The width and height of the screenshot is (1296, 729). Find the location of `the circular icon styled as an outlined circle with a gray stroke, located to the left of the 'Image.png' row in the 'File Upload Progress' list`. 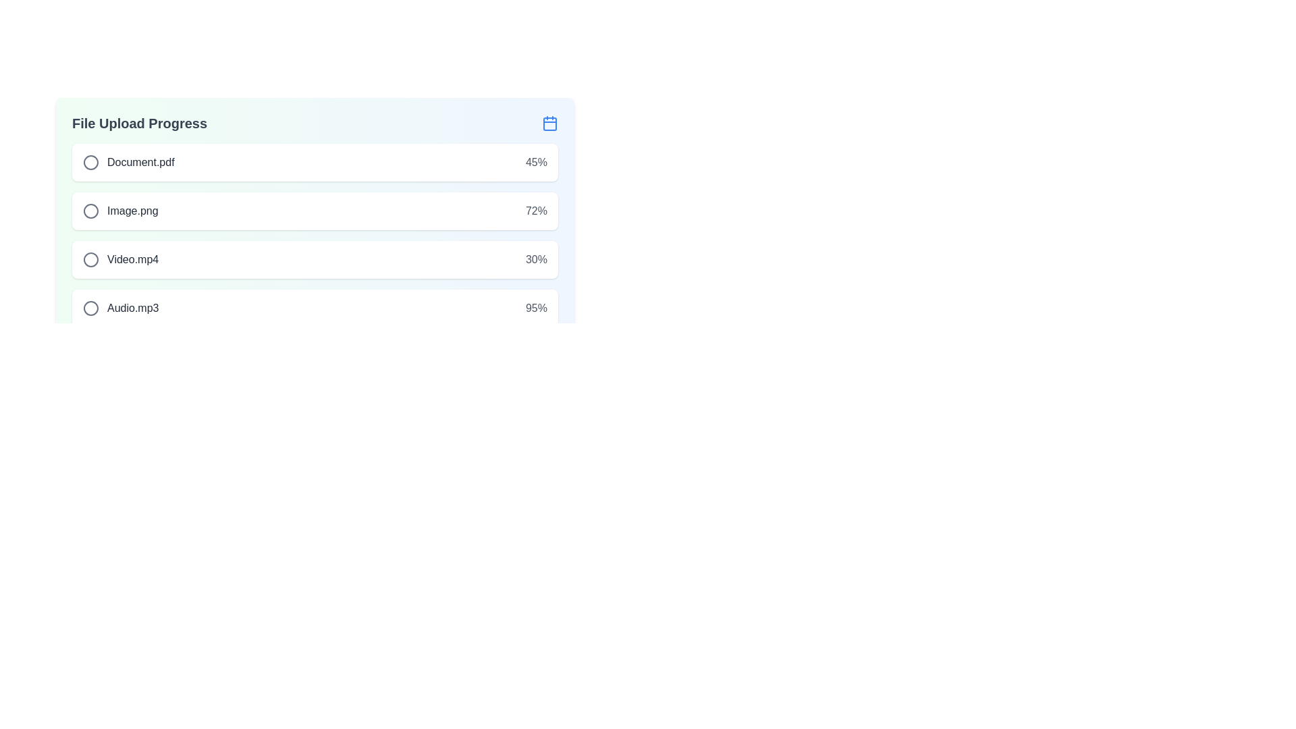

the circular icon styled as an outlined circle with a gray stroke, located to the left of the 'Image.png' row in the 'File Upload Progress' list is located at coordinates (90, 211).